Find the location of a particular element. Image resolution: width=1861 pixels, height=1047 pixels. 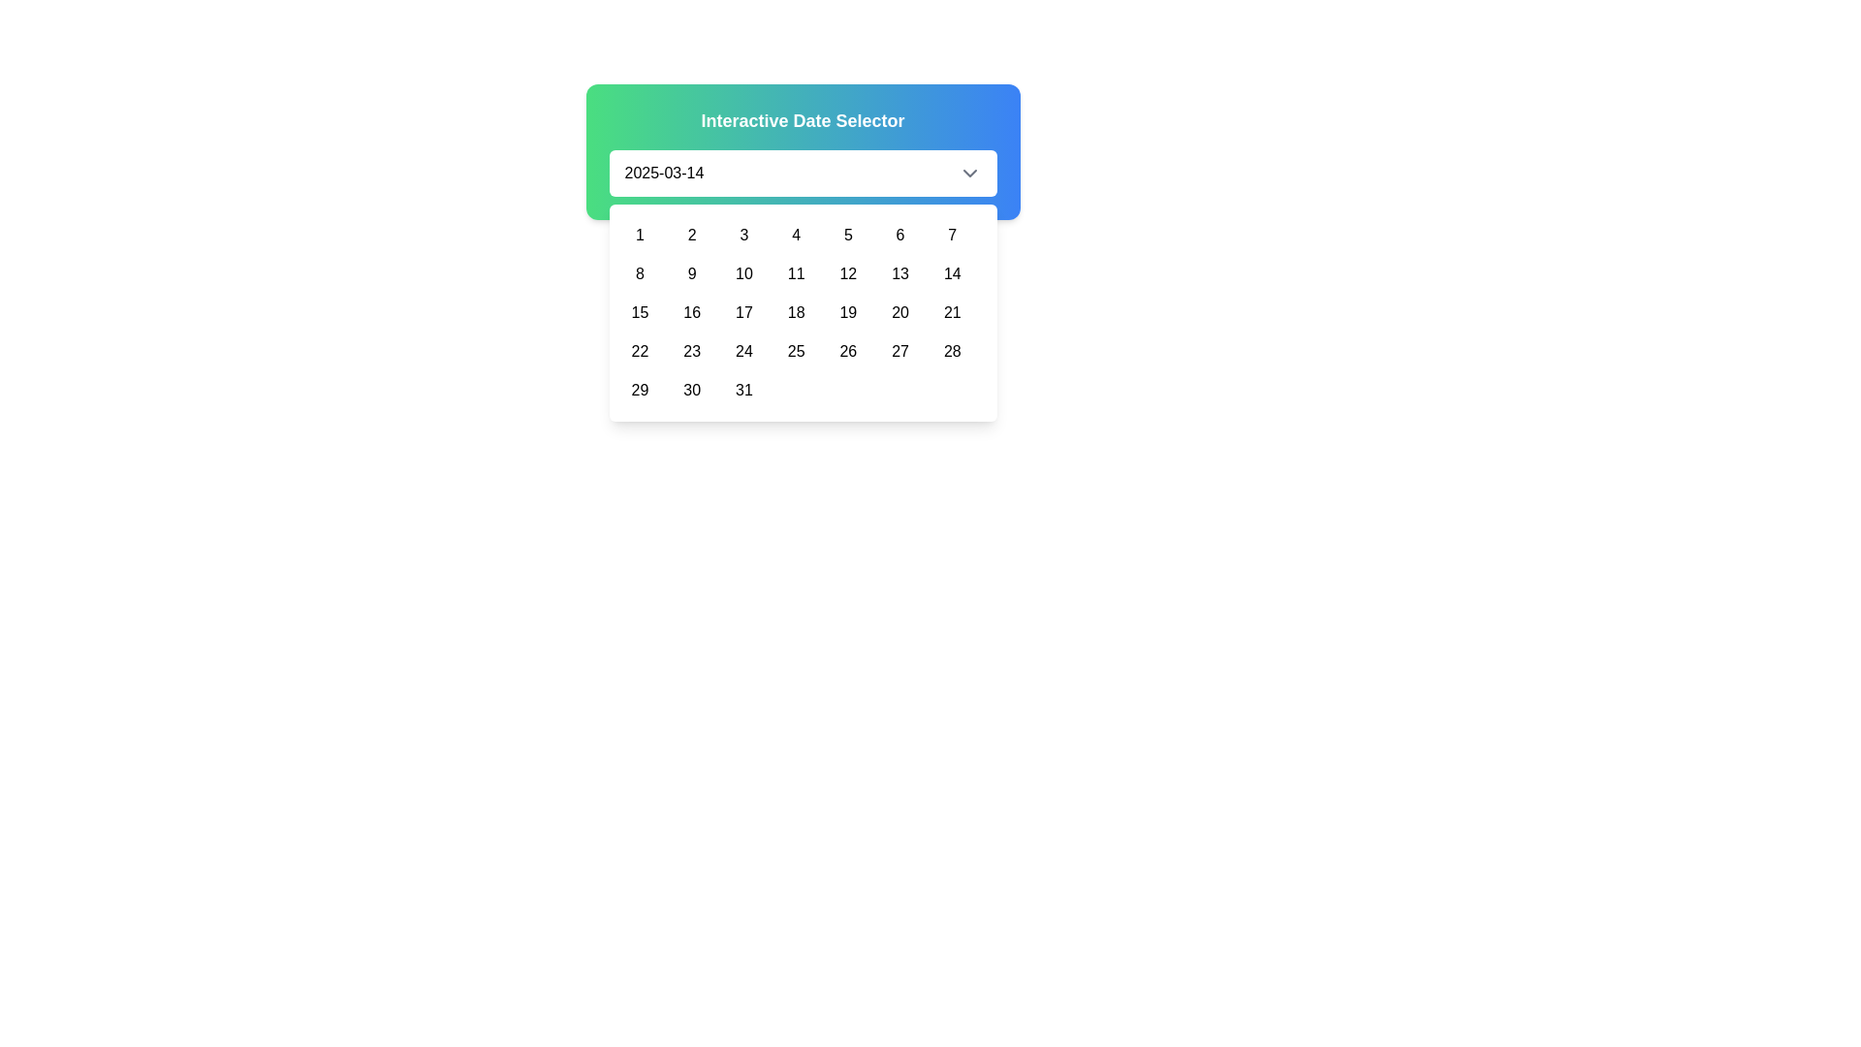

the button representing the 22nd day in the calendar interface located in the fourth row and first column of the grid is located at coordinates (640, 351).